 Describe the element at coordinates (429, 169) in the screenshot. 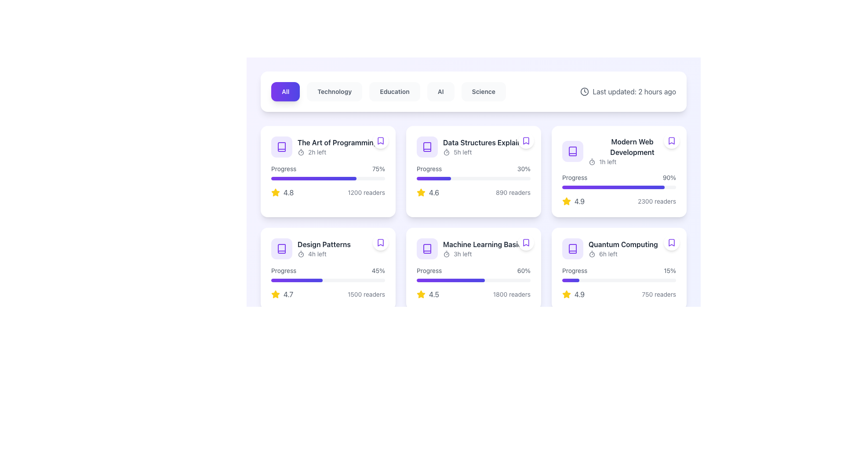

I see `the text label displaying 'Progress' in gray color, located above the progress bar in the second card from the left in the top row of the grid layout` at that location.